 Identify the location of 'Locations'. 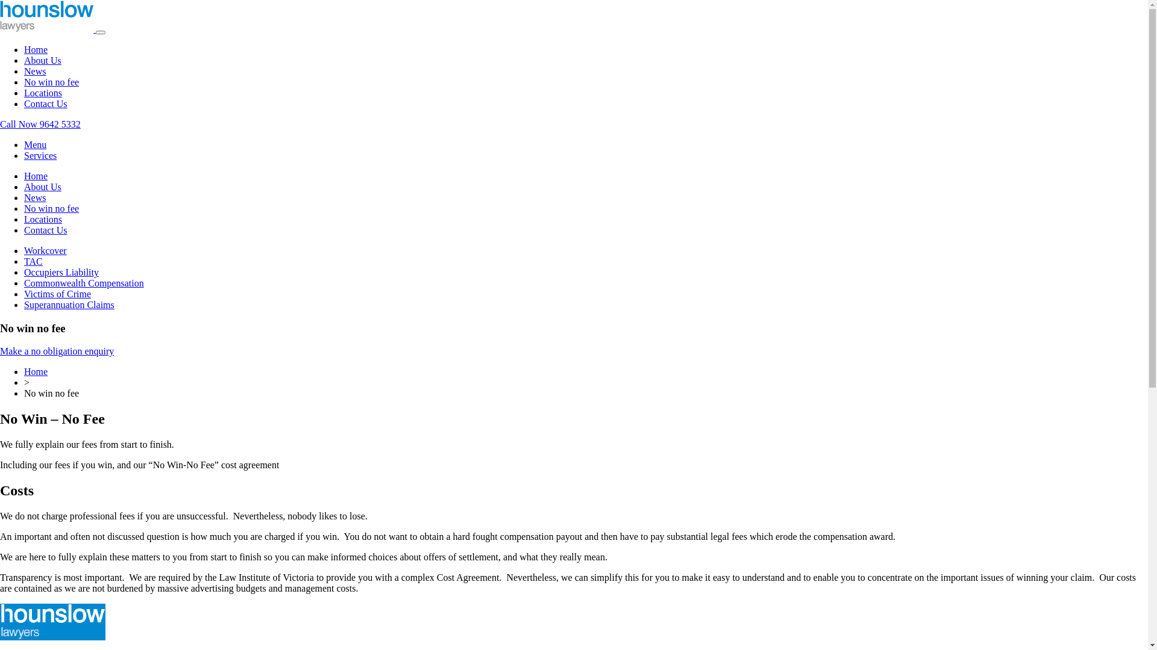
(43, 92).